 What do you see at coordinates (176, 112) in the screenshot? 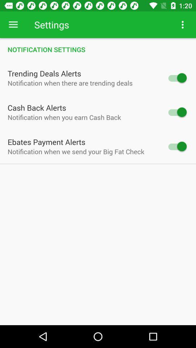
I see `mark off` at bounding box center [176, 112].